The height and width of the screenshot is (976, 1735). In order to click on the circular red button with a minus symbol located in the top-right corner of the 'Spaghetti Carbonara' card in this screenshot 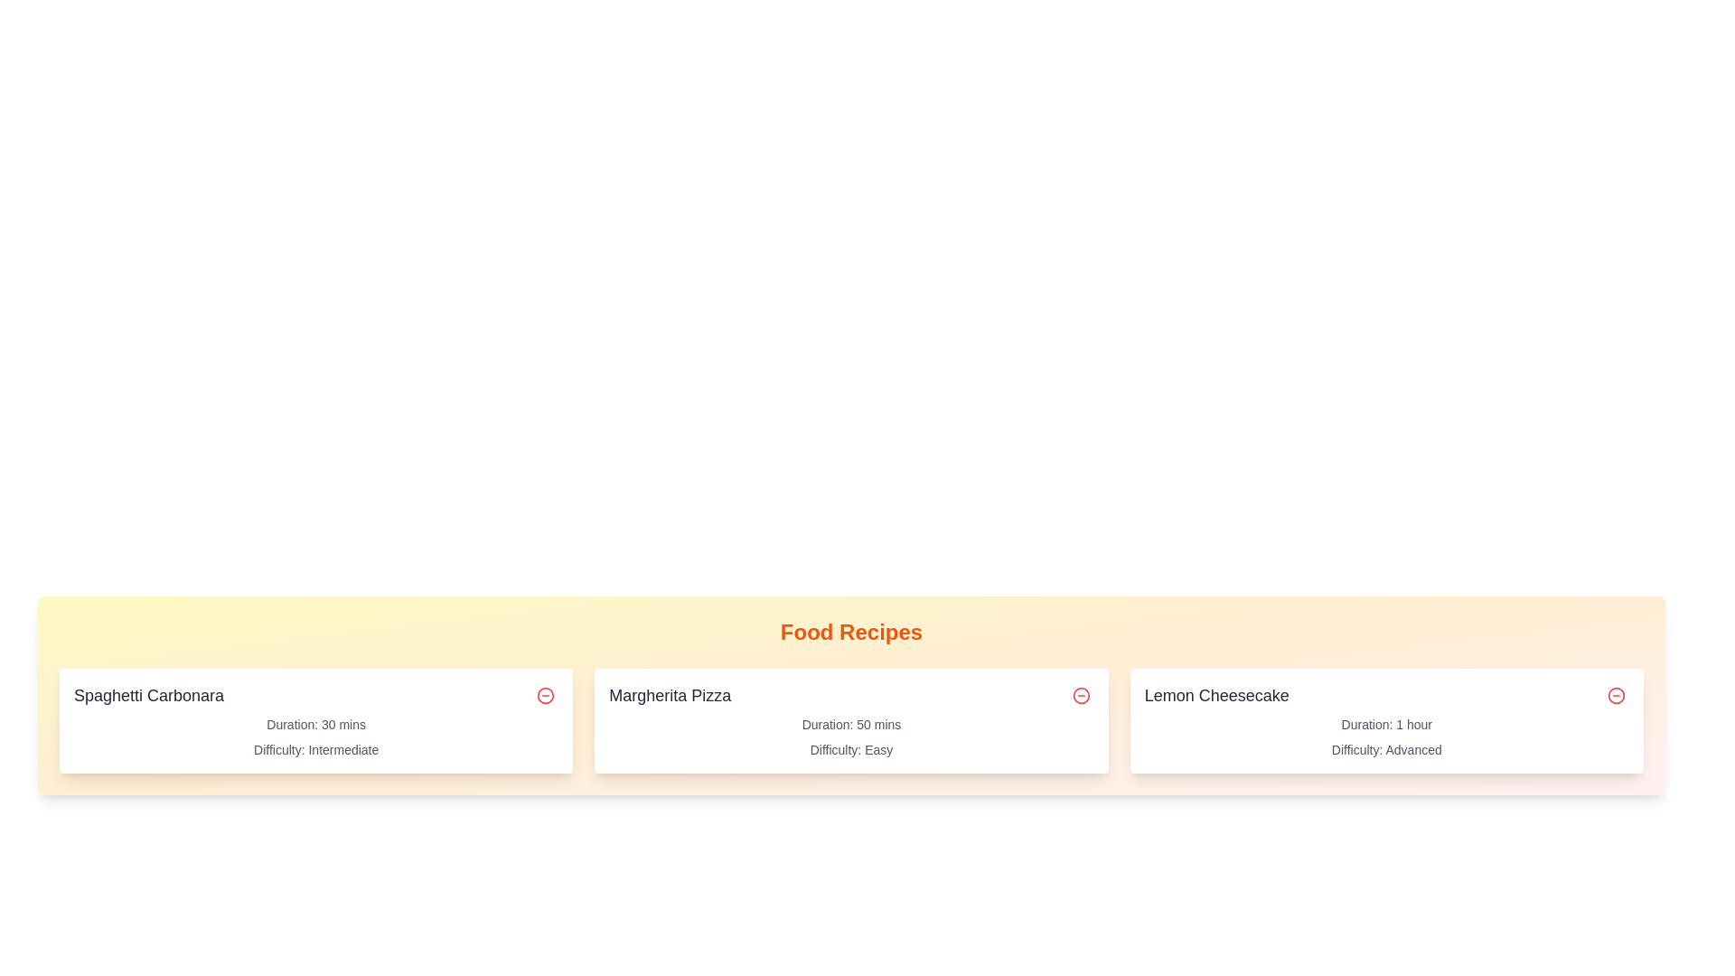, I will do `click(545, 695)`.